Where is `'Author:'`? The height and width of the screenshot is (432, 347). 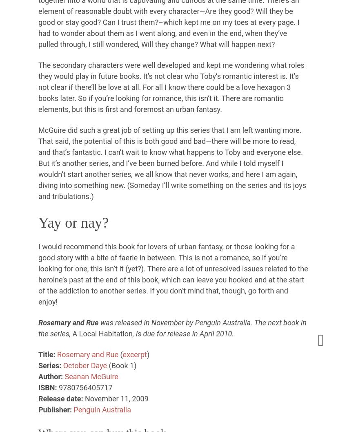 'Author:' is located at coordinates (50, 376).